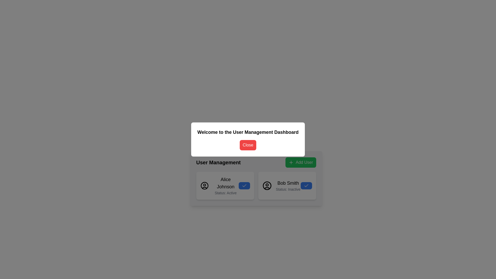 Image resolution: width=496 pixels, height=279 pixels. What do you see at coordinates (248, 145) in the screenshot?
I see `the close button located below the header 'Welcome to the User Management Dashboard' in the modal dialog for keyboard navigation` at bounding box center [248, 145].